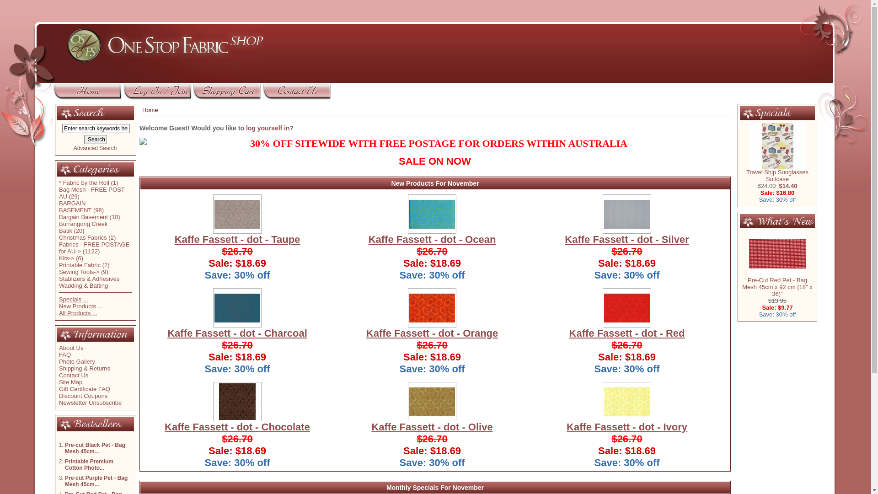  What do you see at coordinates (92, 192) in the screenshot?
I see `'Bag Mesh - FREE POST AU'` at bounding box center [92, 192].